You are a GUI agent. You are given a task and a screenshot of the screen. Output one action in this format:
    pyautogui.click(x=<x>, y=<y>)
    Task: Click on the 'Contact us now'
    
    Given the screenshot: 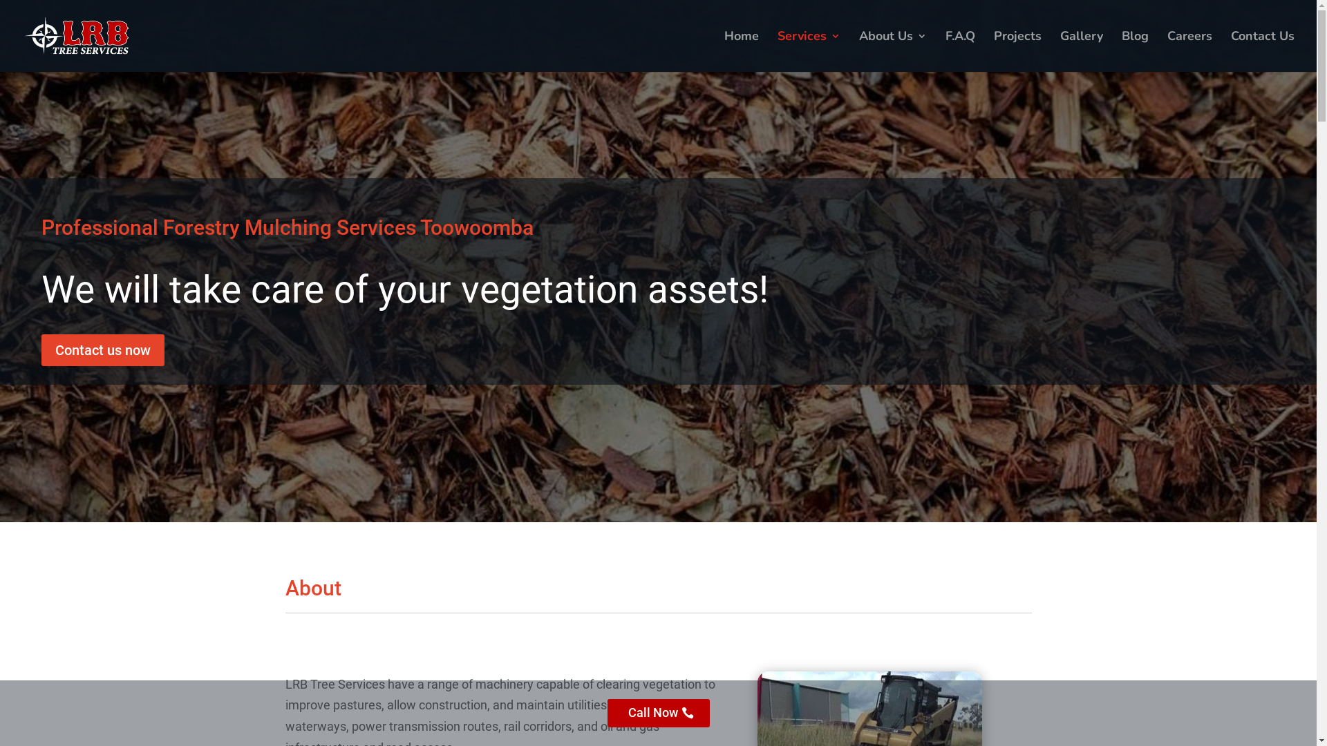 What is the action you would take?
    pyautogui.click(x=102, y=349)
    